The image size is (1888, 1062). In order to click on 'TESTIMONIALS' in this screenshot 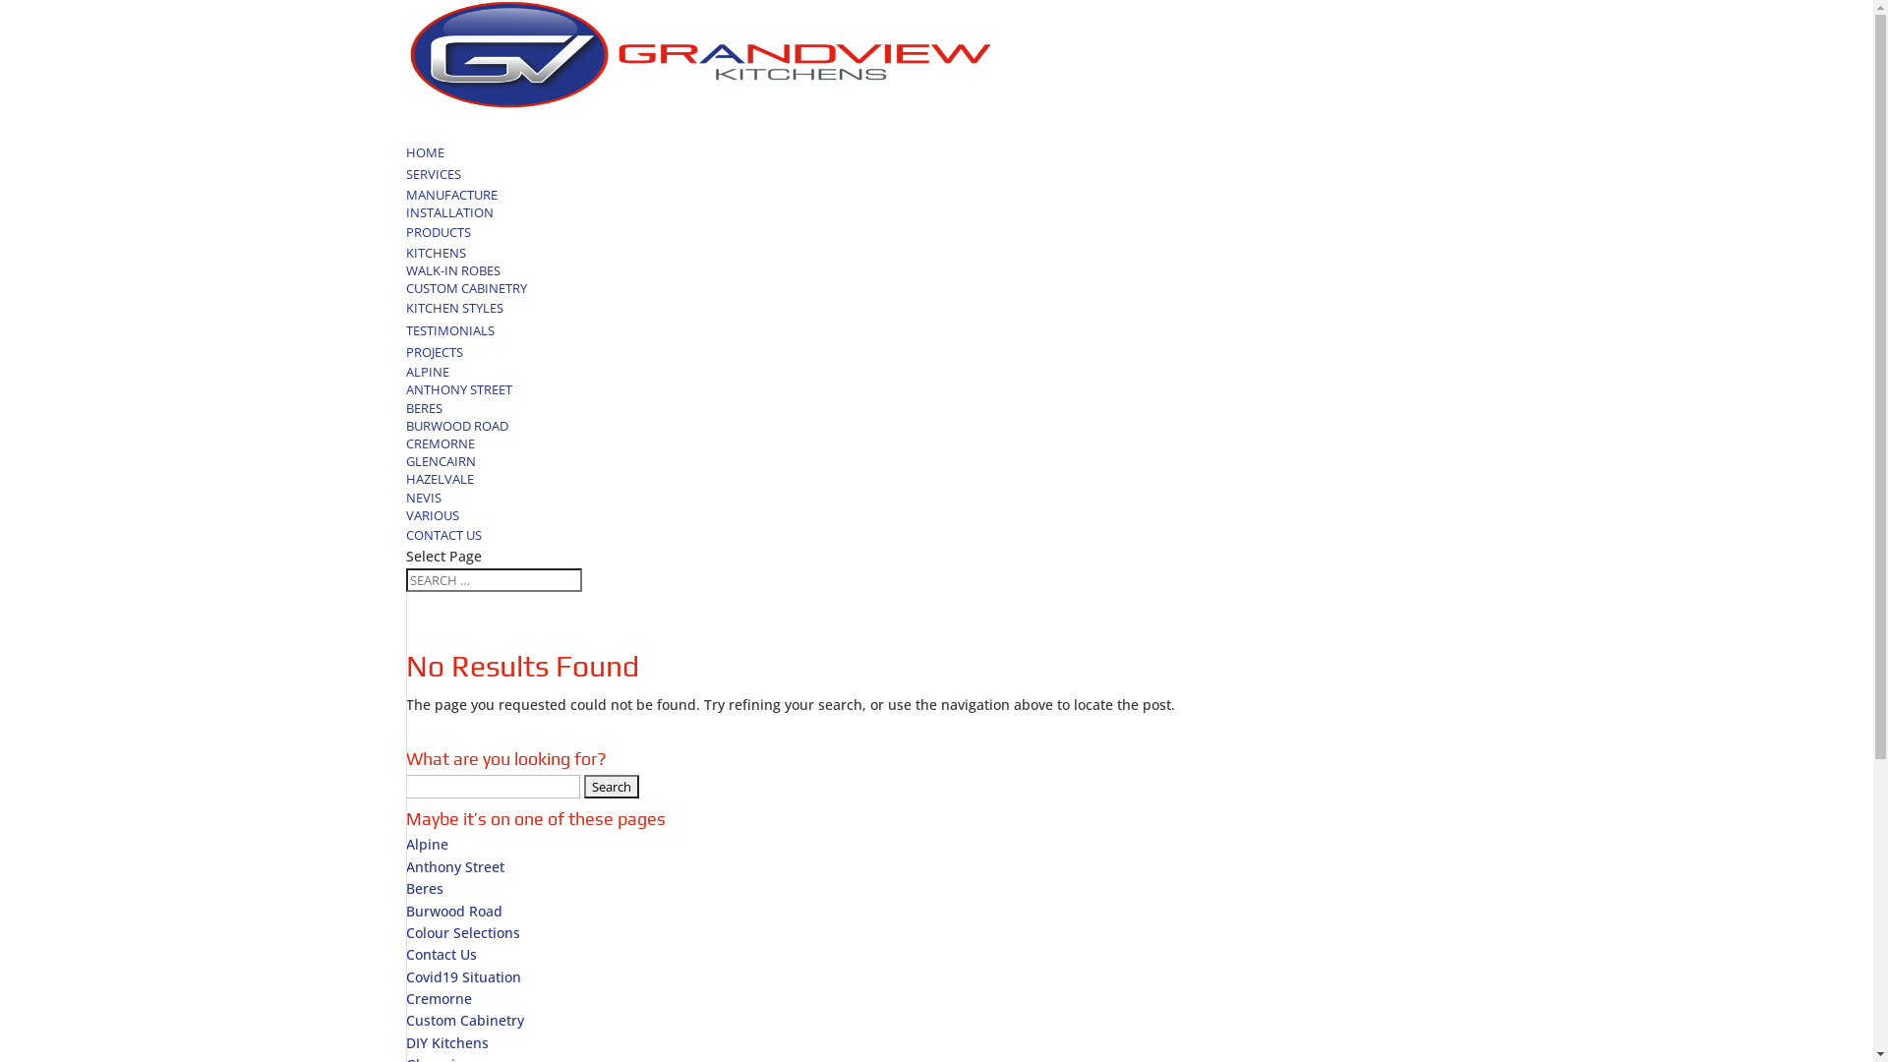, I will do `click(447, 340)`.